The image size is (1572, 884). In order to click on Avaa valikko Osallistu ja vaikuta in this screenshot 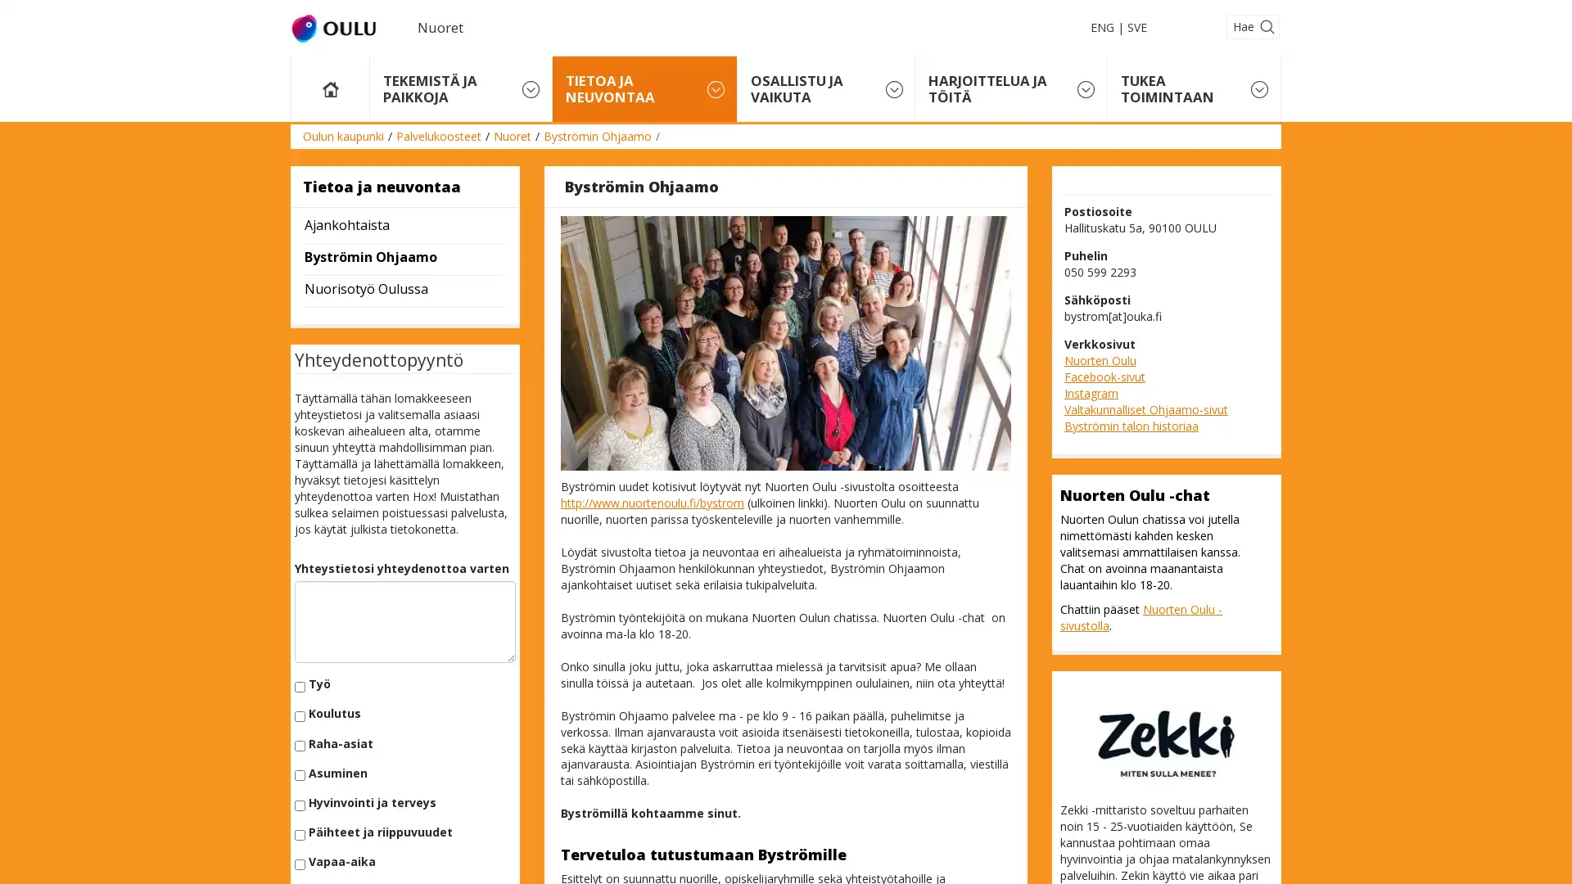, I will do `click(893, 88)`.